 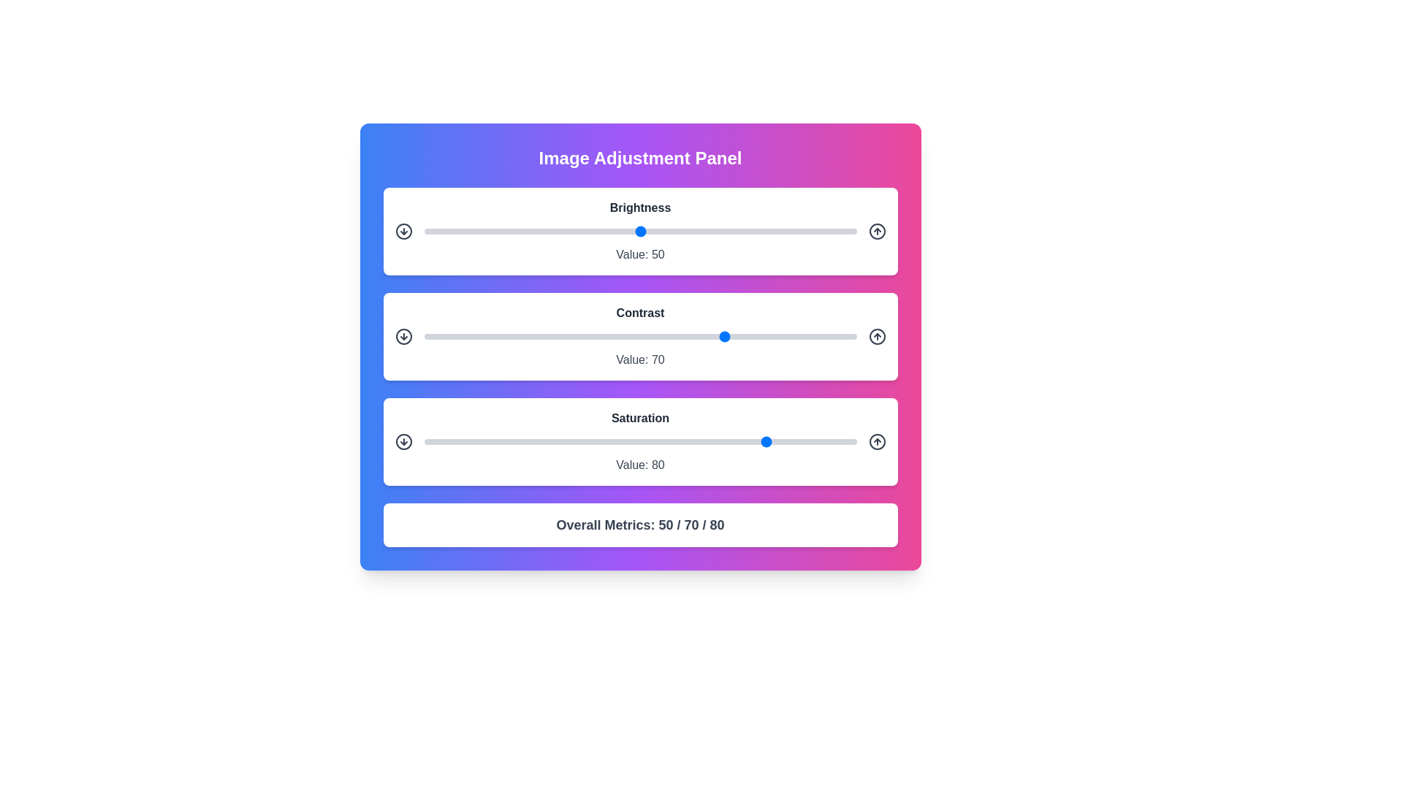 What do you see at coordinates (822, 441) in the screenshot?
I see `the slider value` at bounding box center [822, 441].